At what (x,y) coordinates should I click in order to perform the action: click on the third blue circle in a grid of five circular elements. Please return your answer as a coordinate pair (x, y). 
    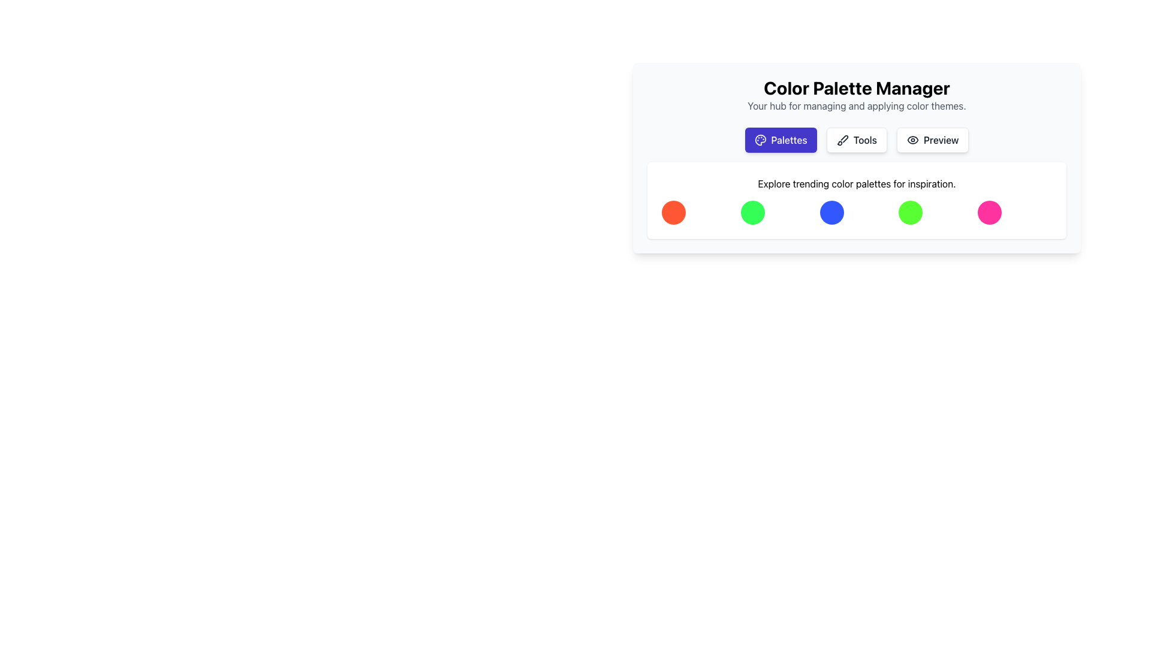
    Looking at the image, I should click on (831, 211).